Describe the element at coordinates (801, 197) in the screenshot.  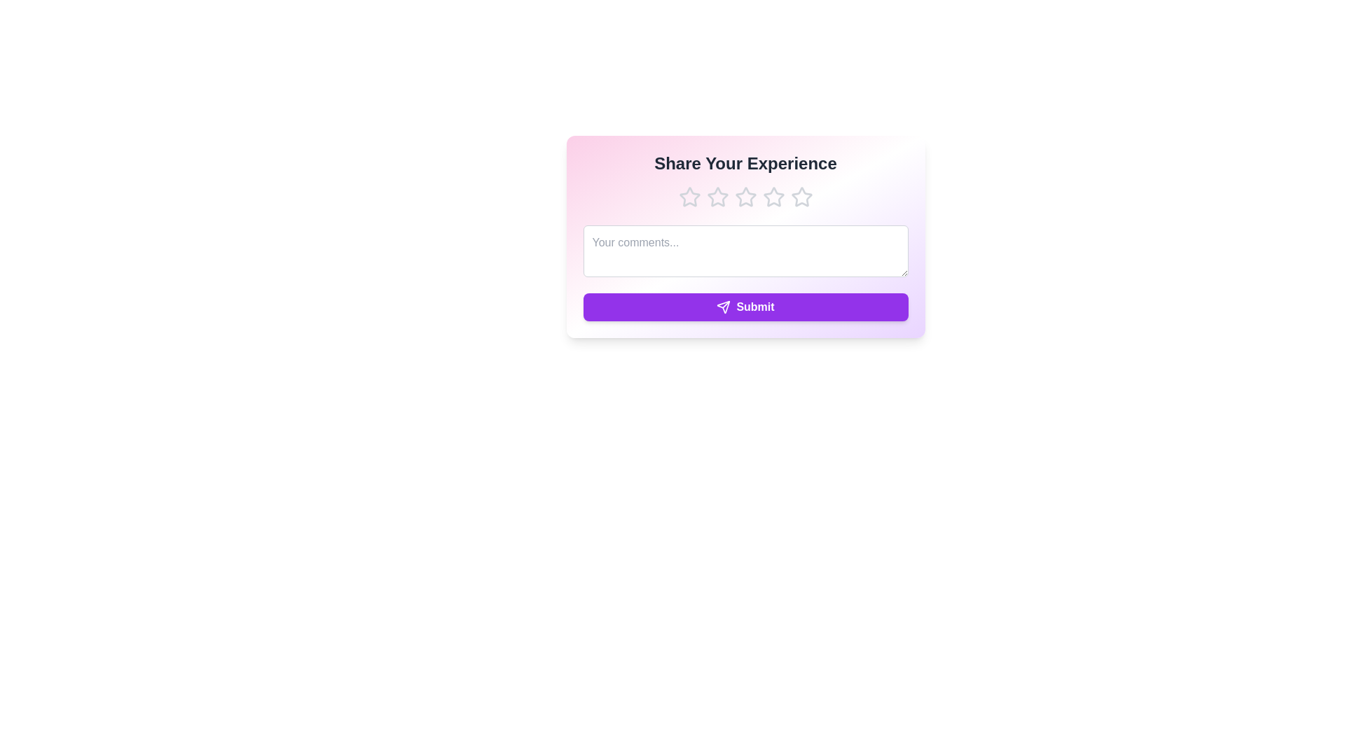
I see `the fifth outlined star icon in the rating interface` at that location.